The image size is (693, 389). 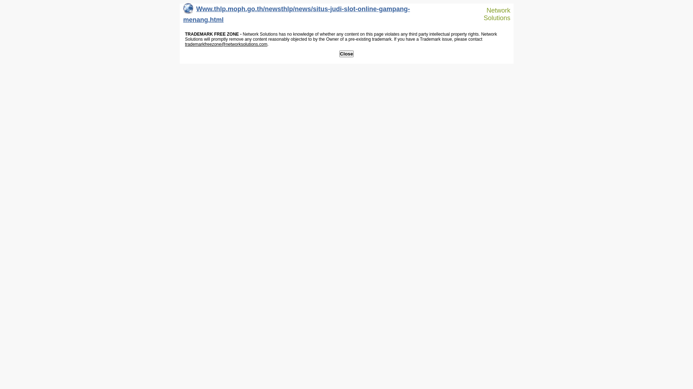 I want to click on 'Close', so click(x=346, y=53).